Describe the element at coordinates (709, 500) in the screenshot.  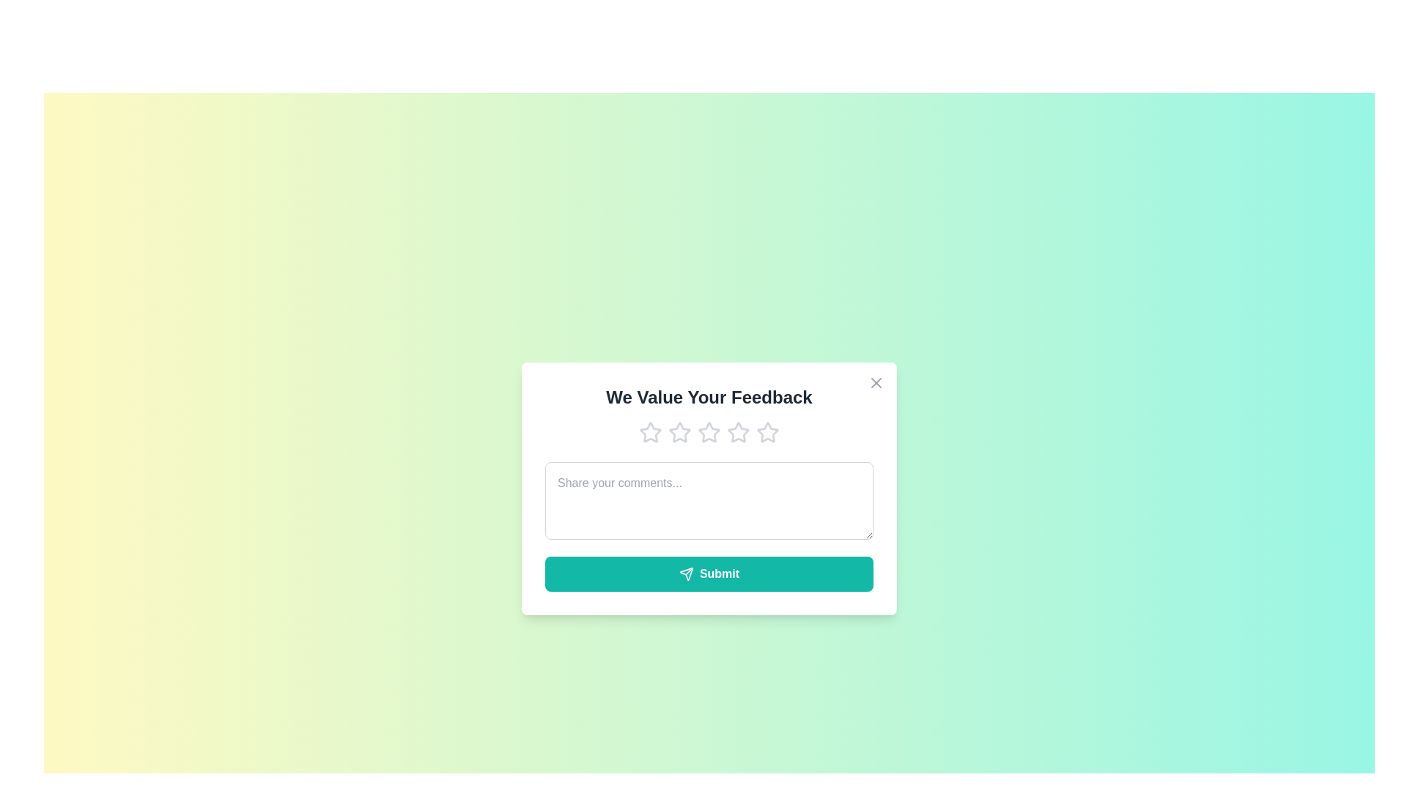
I see `the text area and type the comment 'Great service!'` at that location.